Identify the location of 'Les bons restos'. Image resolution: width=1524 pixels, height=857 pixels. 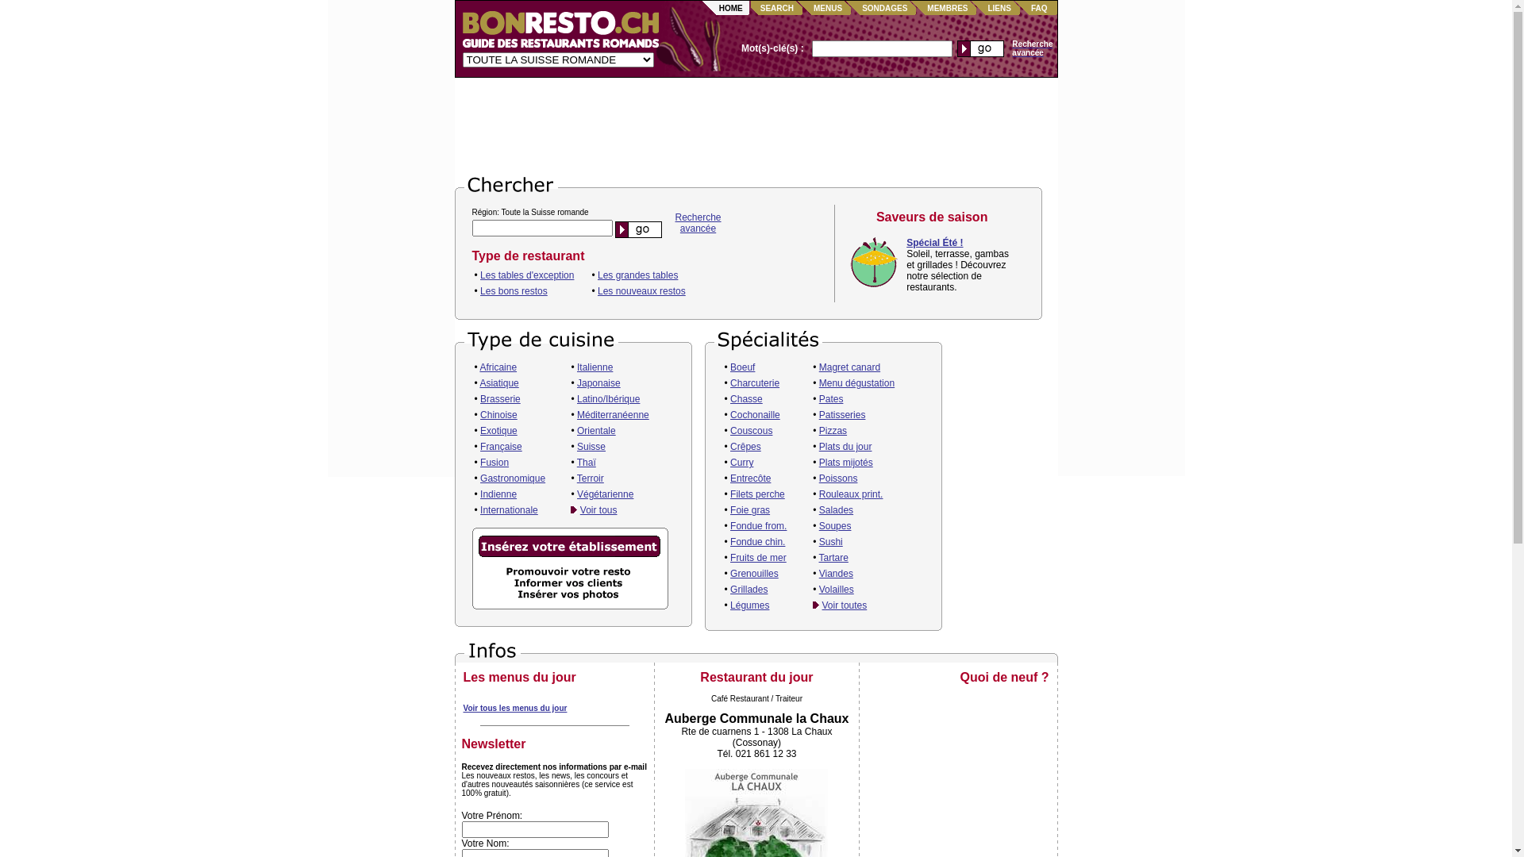
(514, 290).